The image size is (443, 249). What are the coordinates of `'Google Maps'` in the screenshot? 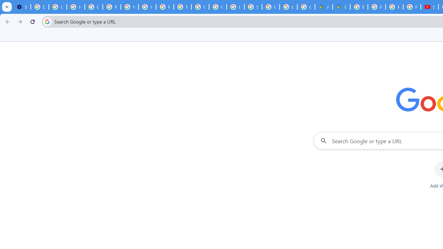 It's located at (341, 7).